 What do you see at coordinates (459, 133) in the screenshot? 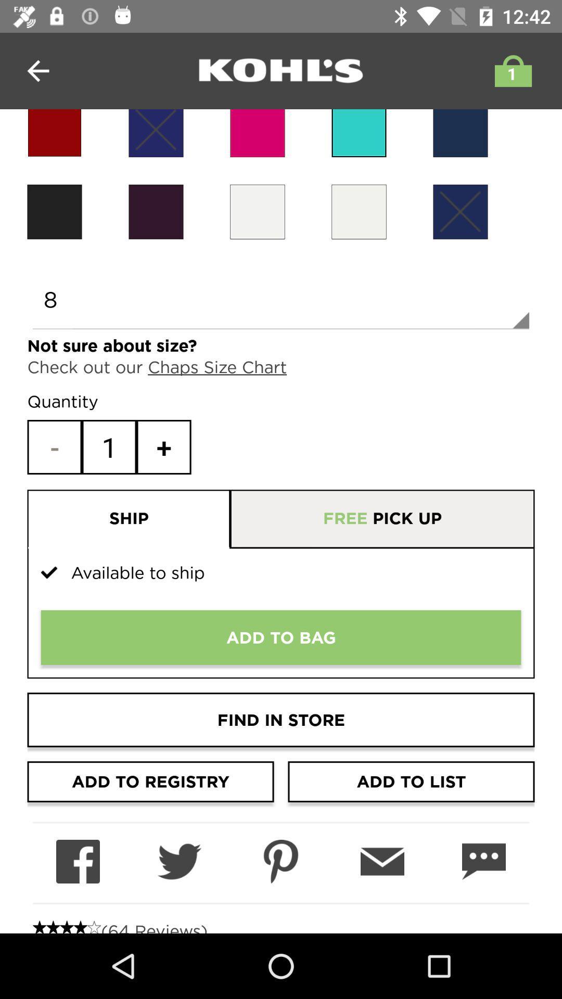
I see `choose color clue` at bounding box center [459, 133].